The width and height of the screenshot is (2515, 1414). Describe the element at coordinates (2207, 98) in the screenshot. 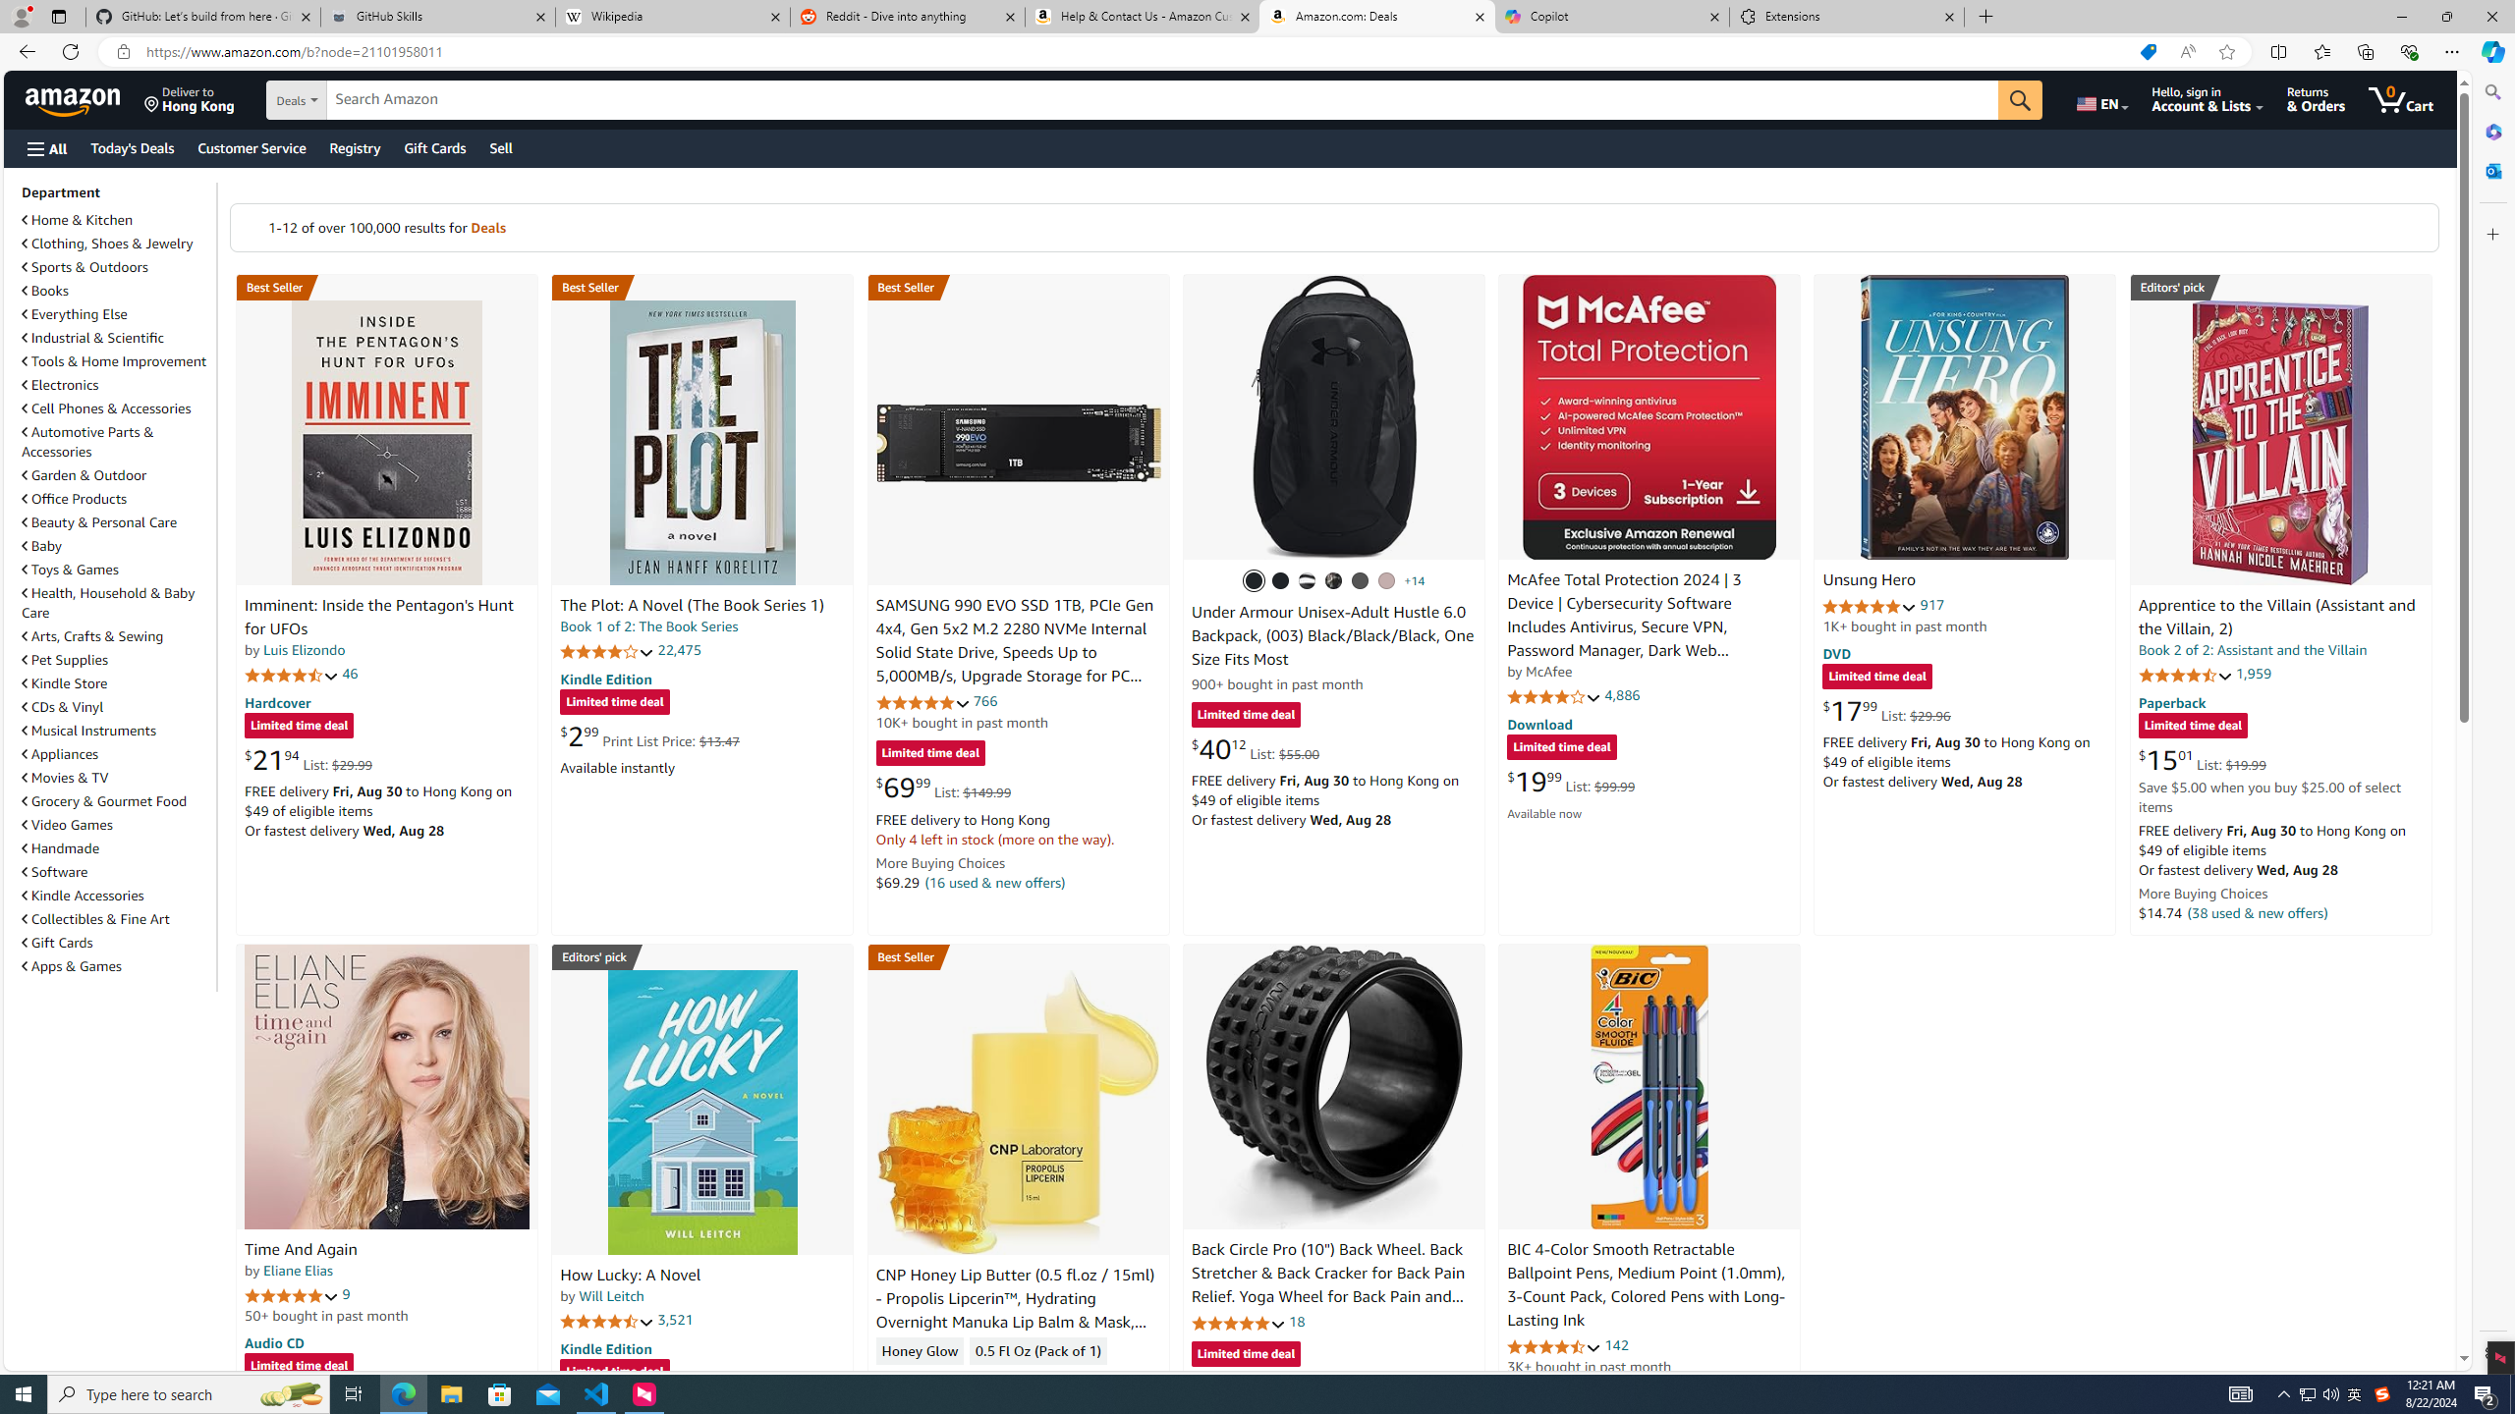

I see `'Hello, sign in Account & Lists'` at that location.